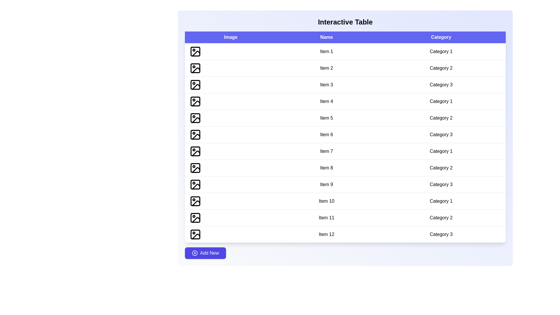 The width and height of the screenshot is (560, 315). I want to click on the 'Add New' button to open its context menu, so click(205, 253).